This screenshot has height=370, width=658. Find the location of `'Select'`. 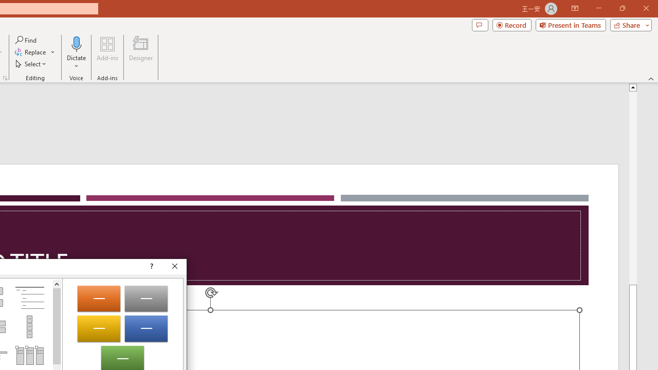

'Select' is located at coordinates (31, 64).